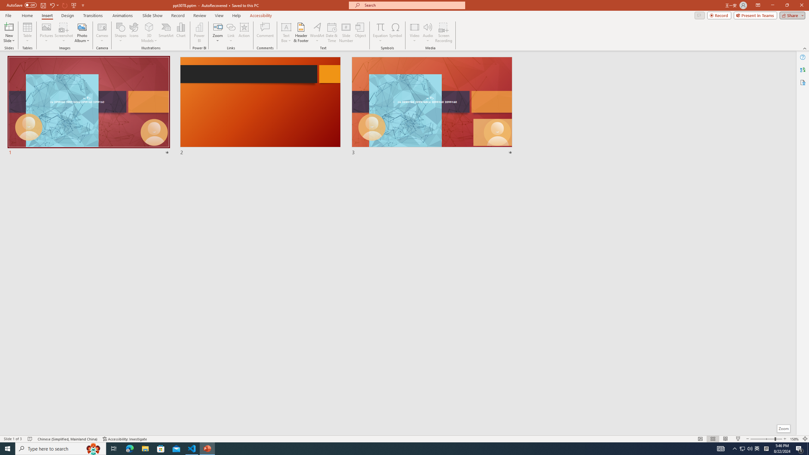 The width and height of the screenshot is (809, 455). Describe the element at coordinates (82, 27) in the screenshot. I see `'New Photo Album...'` at that location.